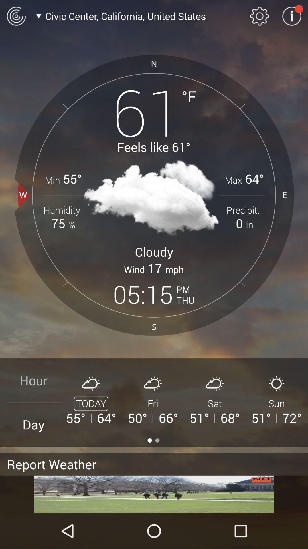 This screenshot has height=549, width=308. Describe the element at coordinates (260, 16) in the screenshot. I see `parameters` at that location.